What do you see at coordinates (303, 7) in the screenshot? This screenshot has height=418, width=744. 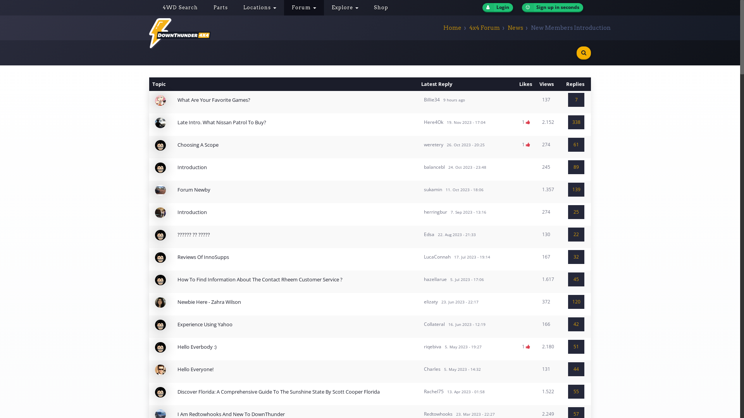 I see `'Forum'` at bounding box center [303, 7].